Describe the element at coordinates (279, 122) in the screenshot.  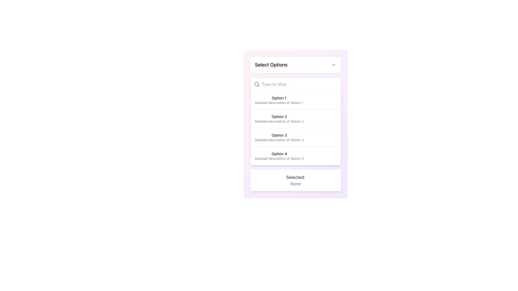
I see `descriptive text label associated with 'Option 2' located centrally in the list of options, aligned to the left margin` at that location.